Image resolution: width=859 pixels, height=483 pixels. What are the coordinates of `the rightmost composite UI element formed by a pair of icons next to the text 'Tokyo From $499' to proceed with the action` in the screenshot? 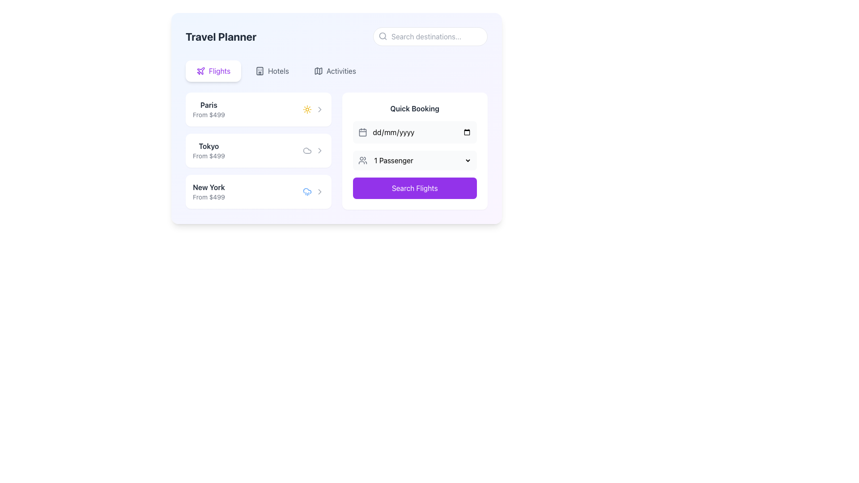 It's located at (313, 150).